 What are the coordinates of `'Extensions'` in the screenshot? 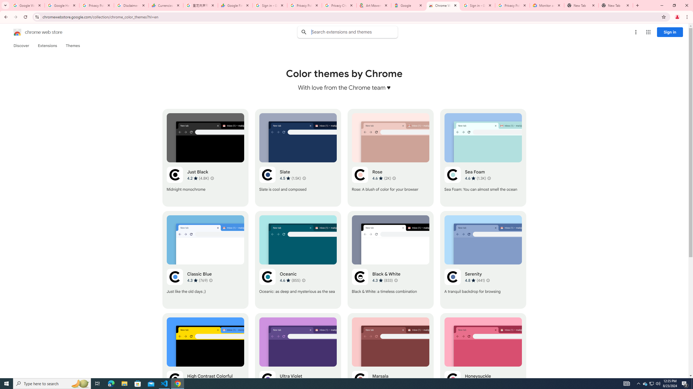 It's located at (47, 45).